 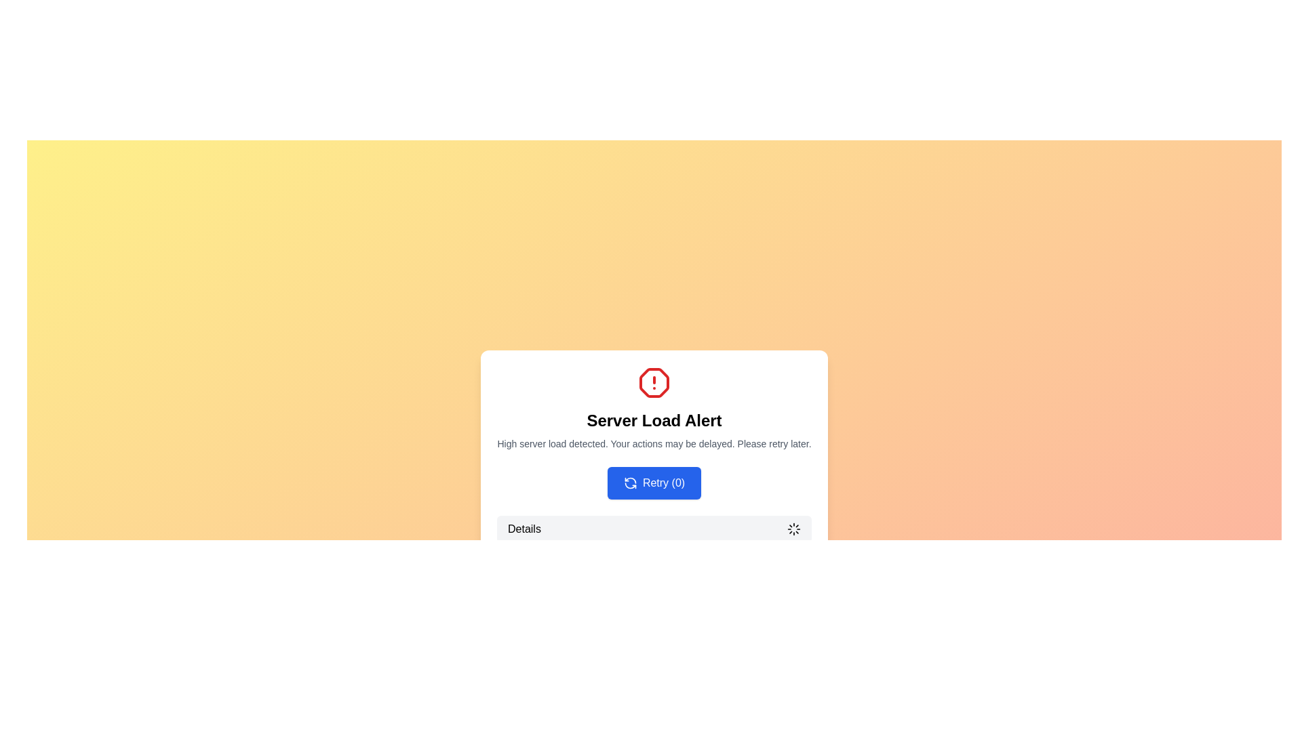 What do you see at coordinates (654, 483) in the screenshot?
I see `the retry button located under the 'Server Load Alert' heading to initiate the retry functionality` at bounding box center [654, 483].